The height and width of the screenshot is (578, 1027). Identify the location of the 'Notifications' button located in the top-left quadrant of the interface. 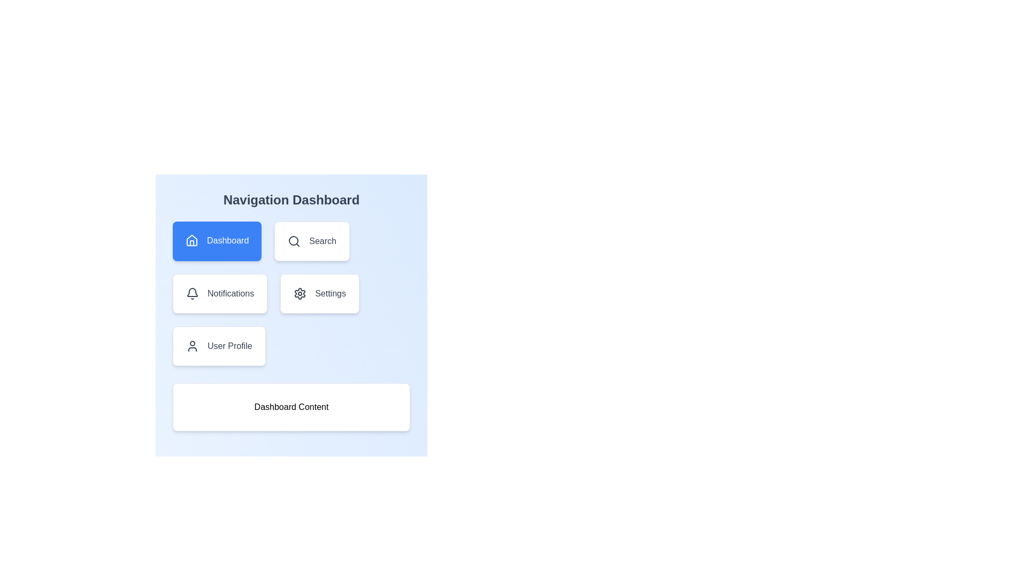
(219, 293).